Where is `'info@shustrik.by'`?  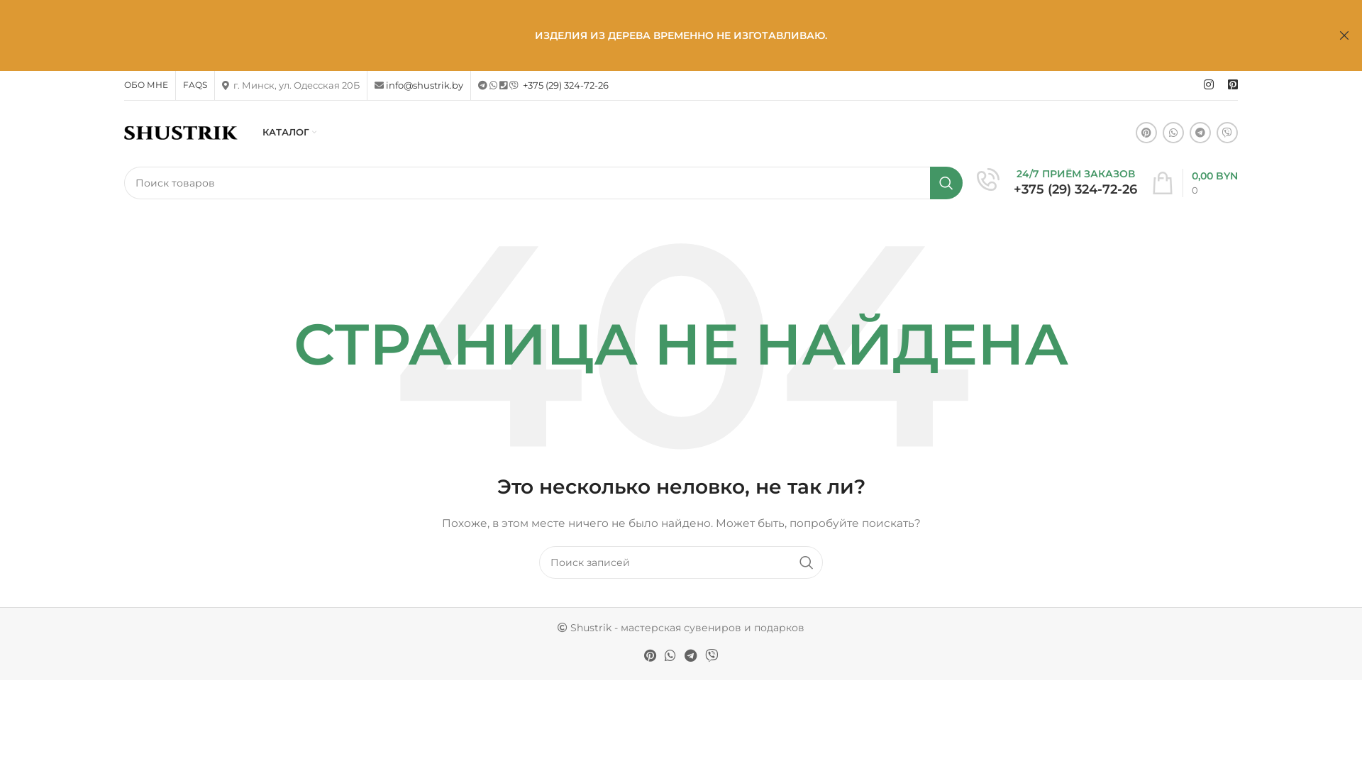
'info@shustrik.by' is located at coordinates (423, 84).